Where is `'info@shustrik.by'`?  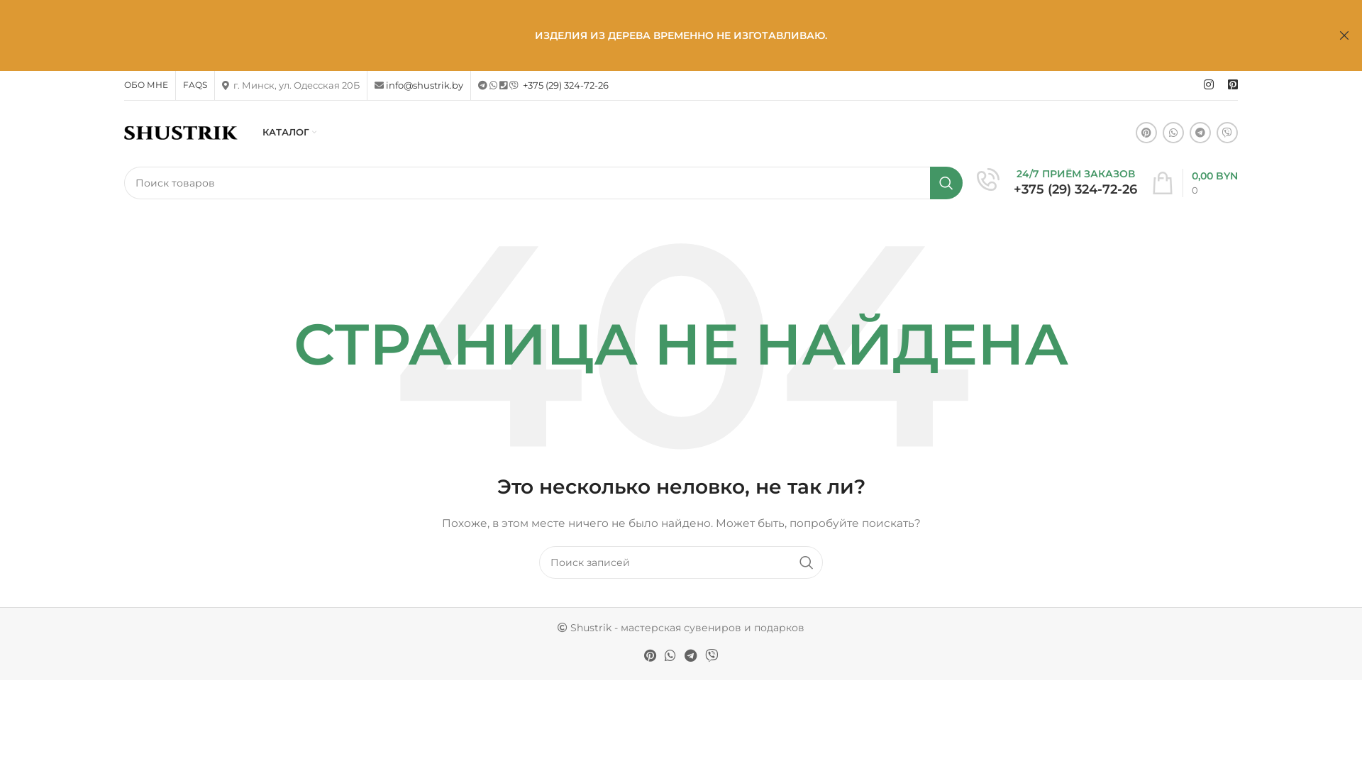
'info@shustrik.by' is located at coordinates (423, 84).